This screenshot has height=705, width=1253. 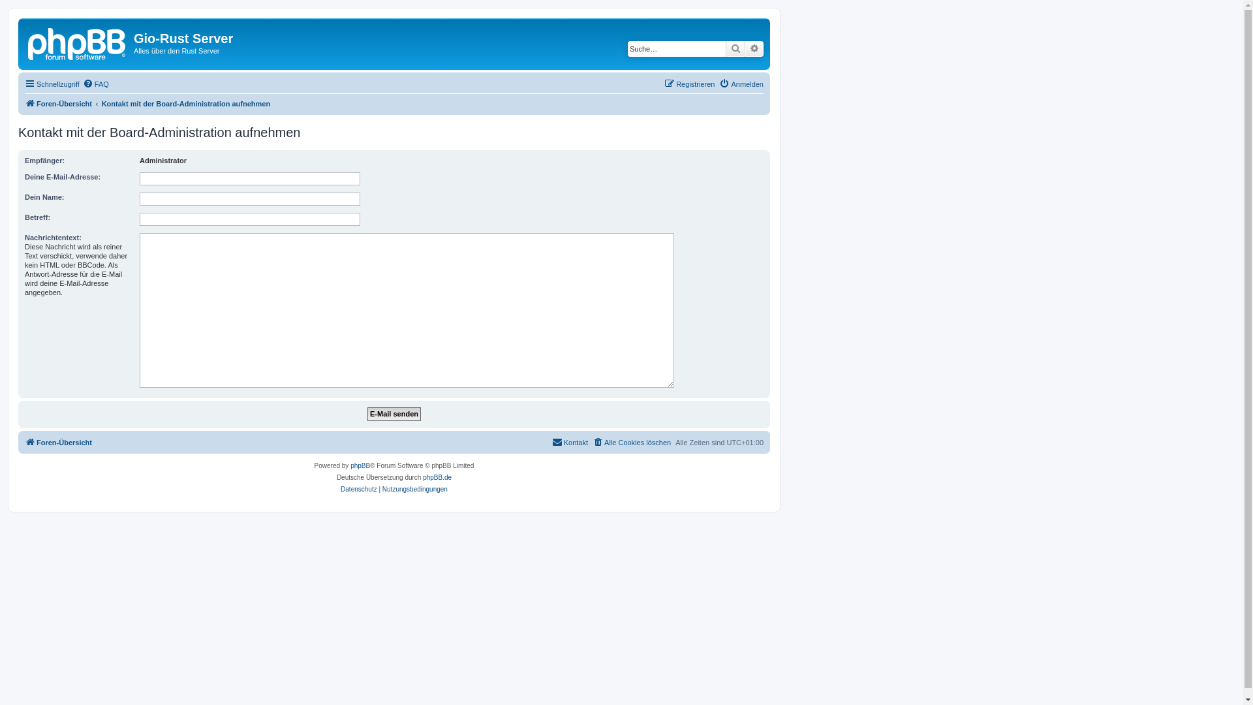 I want to click on 'FAQ', so click(x=95, y=84).